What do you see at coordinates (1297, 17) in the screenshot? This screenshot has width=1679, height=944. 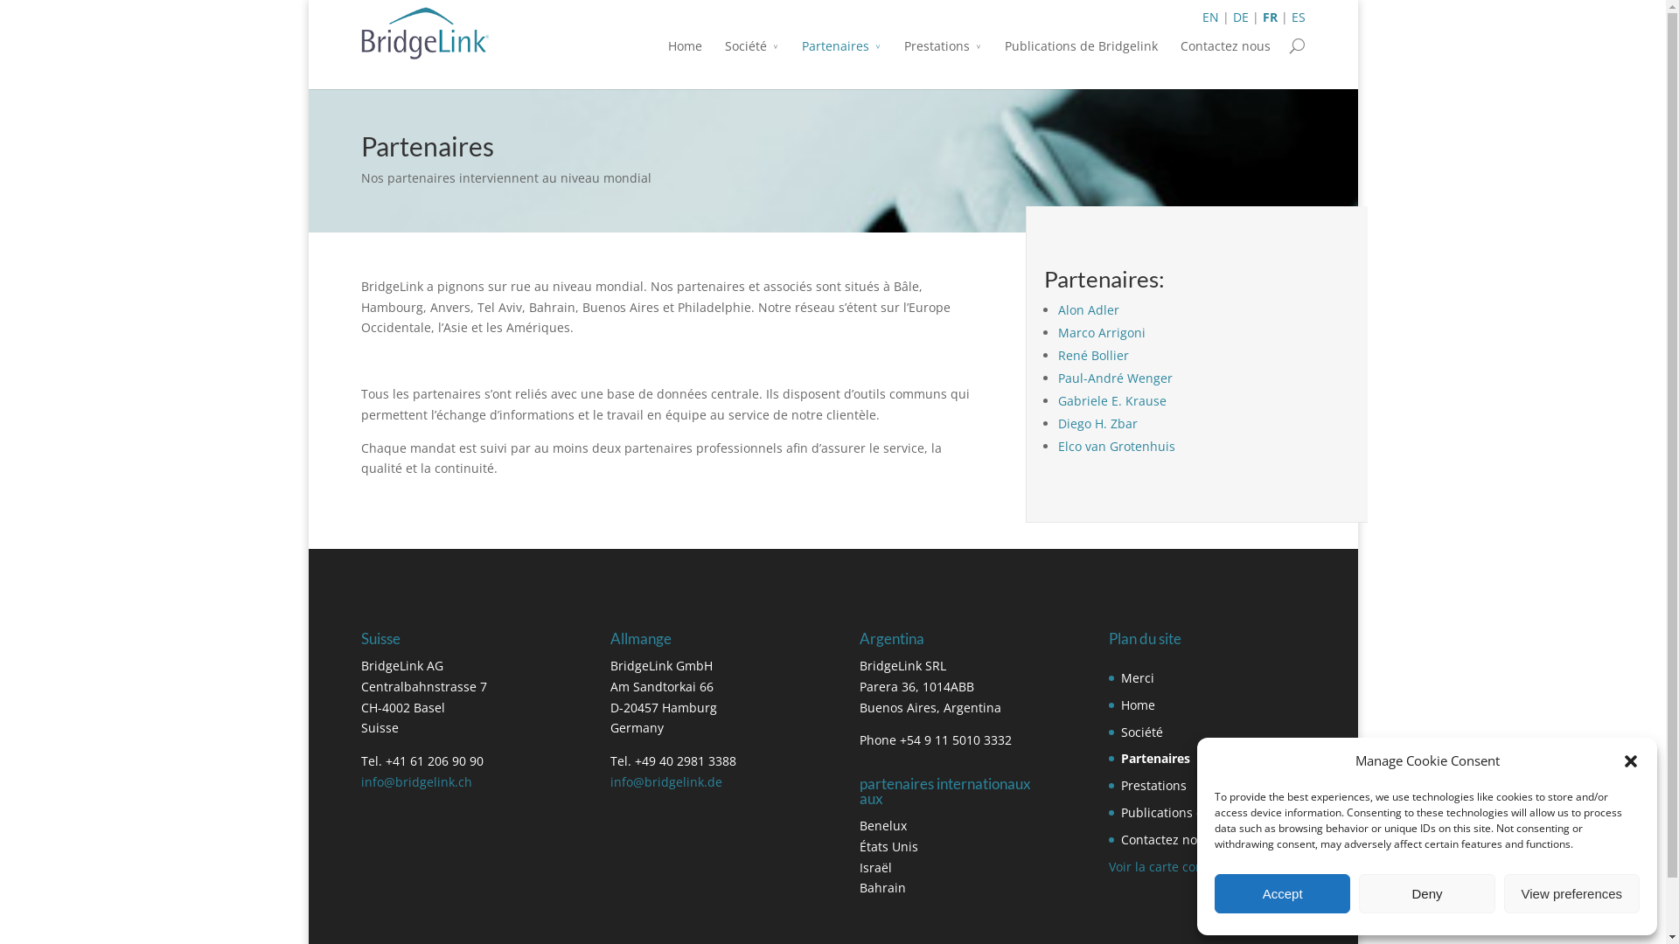 I see `'ES'` at bounding box center [1297, 17].